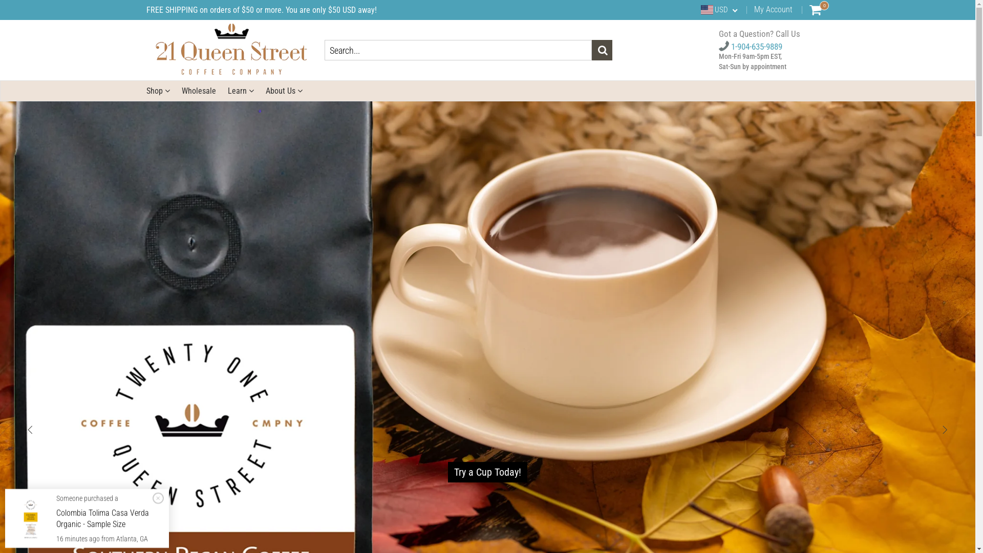 Image resolution: width=983 pixels, height=553 pixels. What do you see at coordinates (265, 90) in the screenshot?
I see `'About Us'` at bounding box center [265, 90].